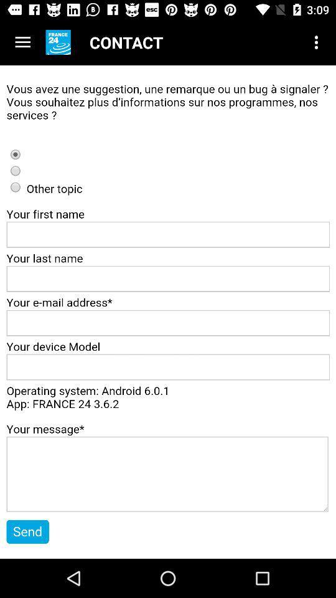 Image resolution: width=336 pixels, height=598 pixels. Describe the element at coordinates (22, 42) in the screenshot. I see `menu` at that location.